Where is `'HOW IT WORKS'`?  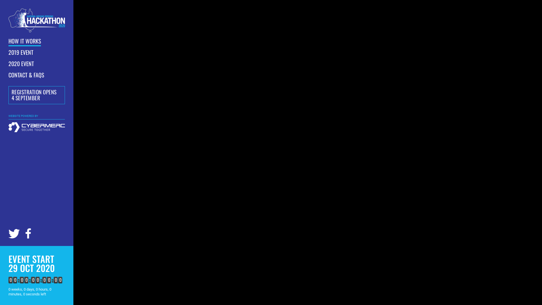 'HOW IT WORKS' is located at coordinates (24, 41).